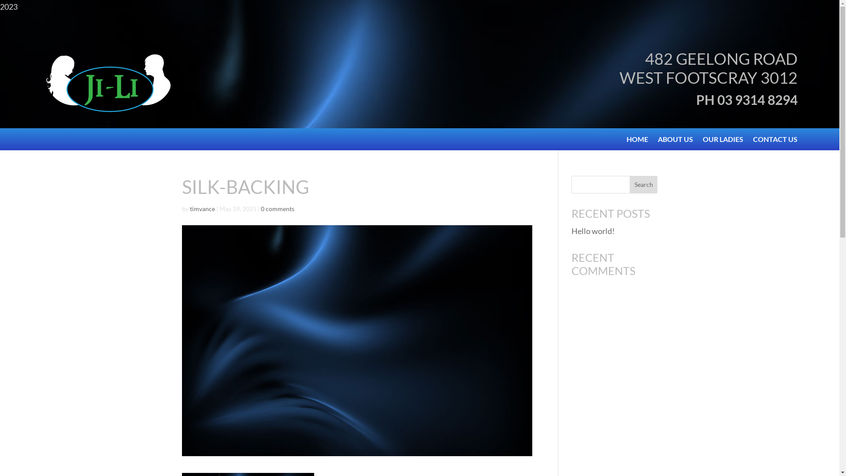  I want to click on 'ABOUT US', so click(675, 141).